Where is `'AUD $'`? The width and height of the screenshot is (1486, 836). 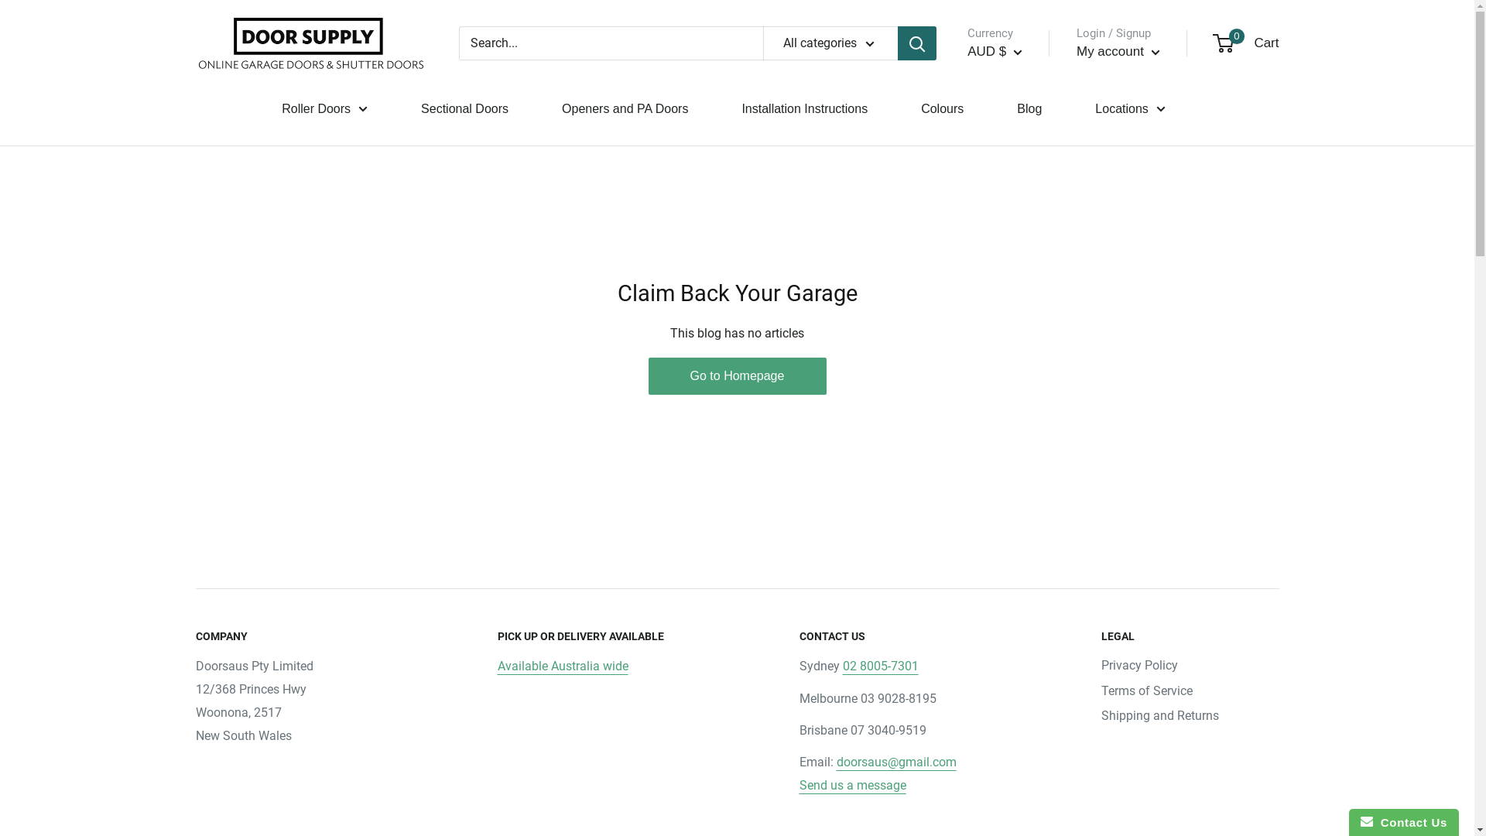 'AUD $' is located at coordinates (995, 50).